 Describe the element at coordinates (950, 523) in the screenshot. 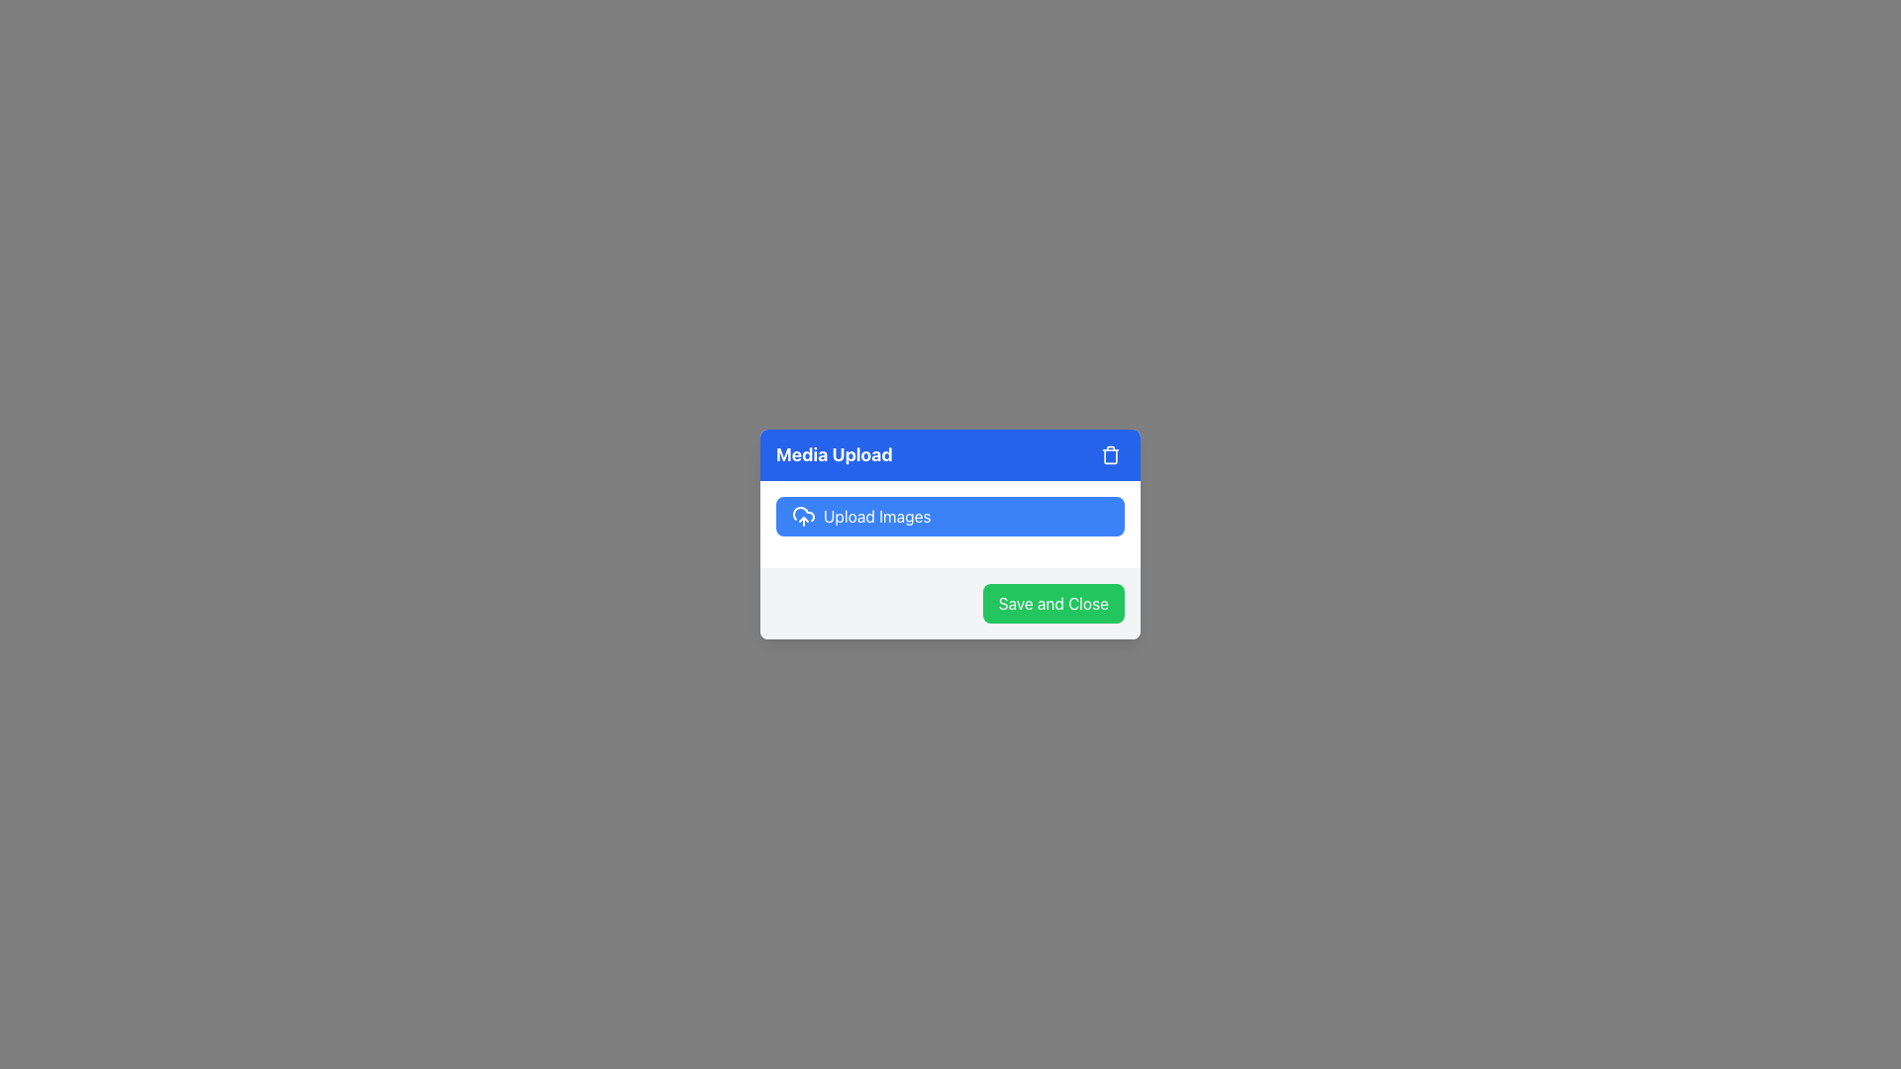

I see `the 'Upload' button located below the 'Media Upload' title bar to initiate the image upload process` at that location.